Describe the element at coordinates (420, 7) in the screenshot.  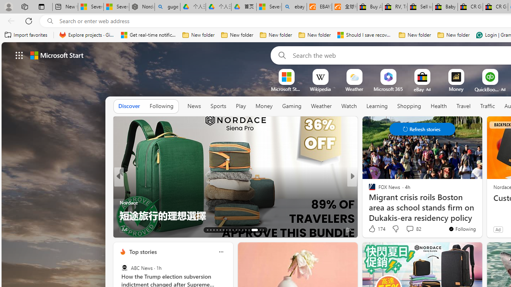
I see `'Sell worldwide with eBay'` at that location.